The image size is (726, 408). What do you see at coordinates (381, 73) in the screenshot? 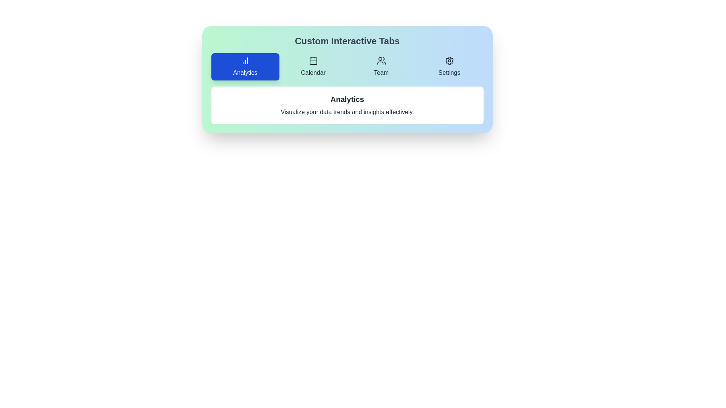
I see `the 'Team' label located beneath the group of people icon in the top navigation bar` at bounding box center [381, 73].